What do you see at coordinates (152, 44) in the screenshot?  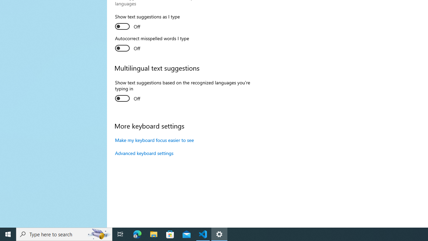 I see `'Autocorrect misspelled words I type'` at bounding box center [152, 44].